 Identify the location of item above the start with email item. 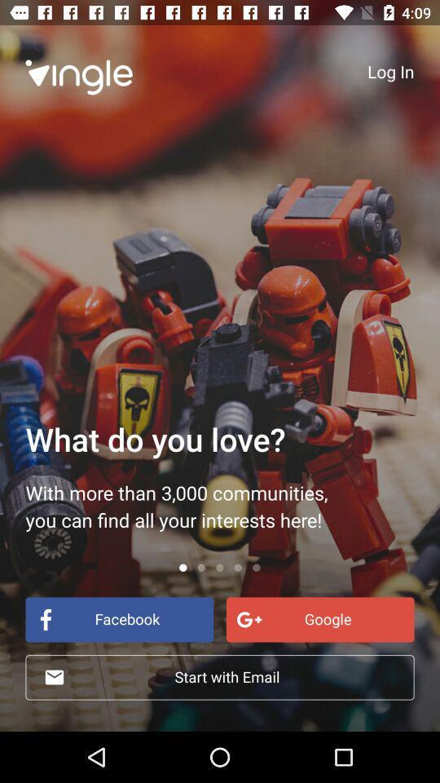
(118, 618).